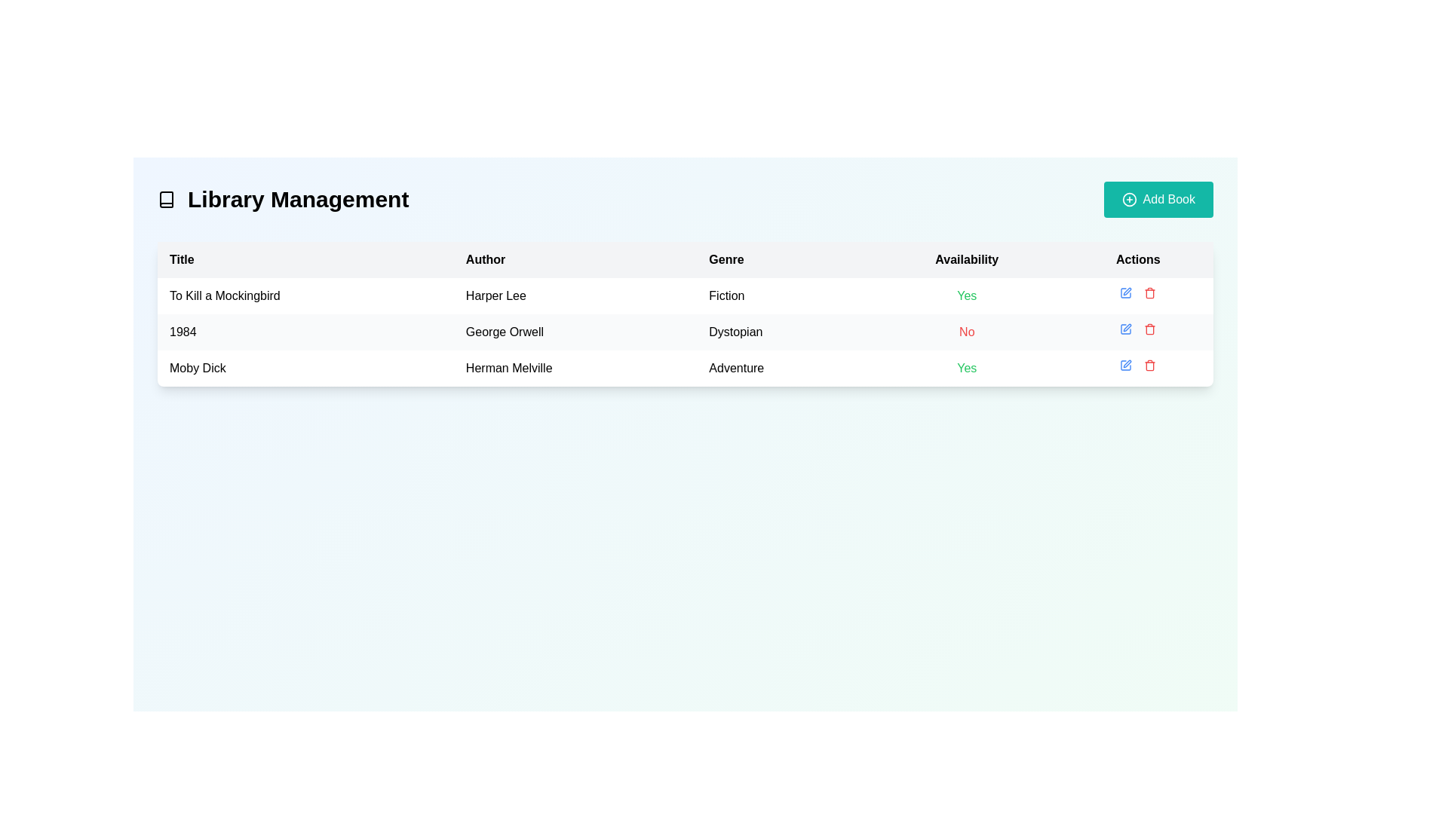 This screenshot has height=814, width=1448. What do you see at coordinates (967, 295) in the screenshot?
I see `the text label displaying the availability status of the book 'Moby Dick'` at bounding box center [967, 295].